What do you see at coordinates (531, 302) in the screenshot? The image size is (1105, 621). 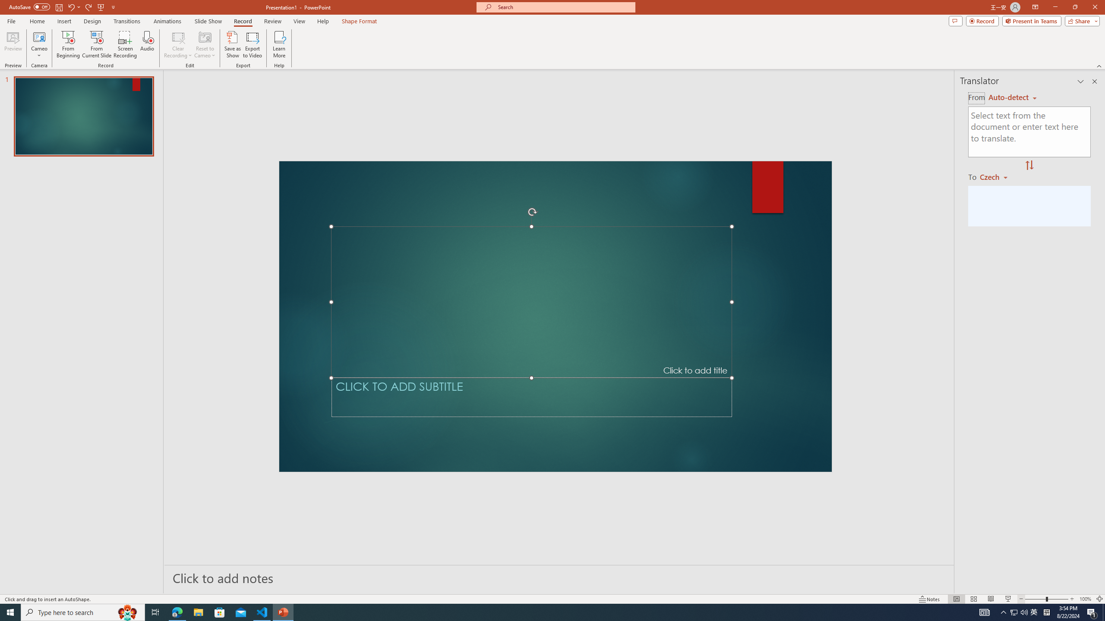 I see `'Title TextBox'` at bounding box center [531, 302].